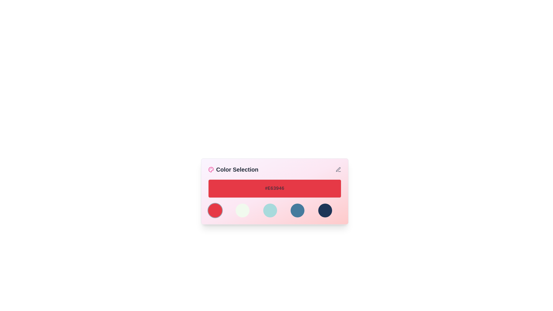 The height and width of the screenshot is (311, 553). I want to click on the fifth circular color selection option with a dark blue background, so click(325, 211).